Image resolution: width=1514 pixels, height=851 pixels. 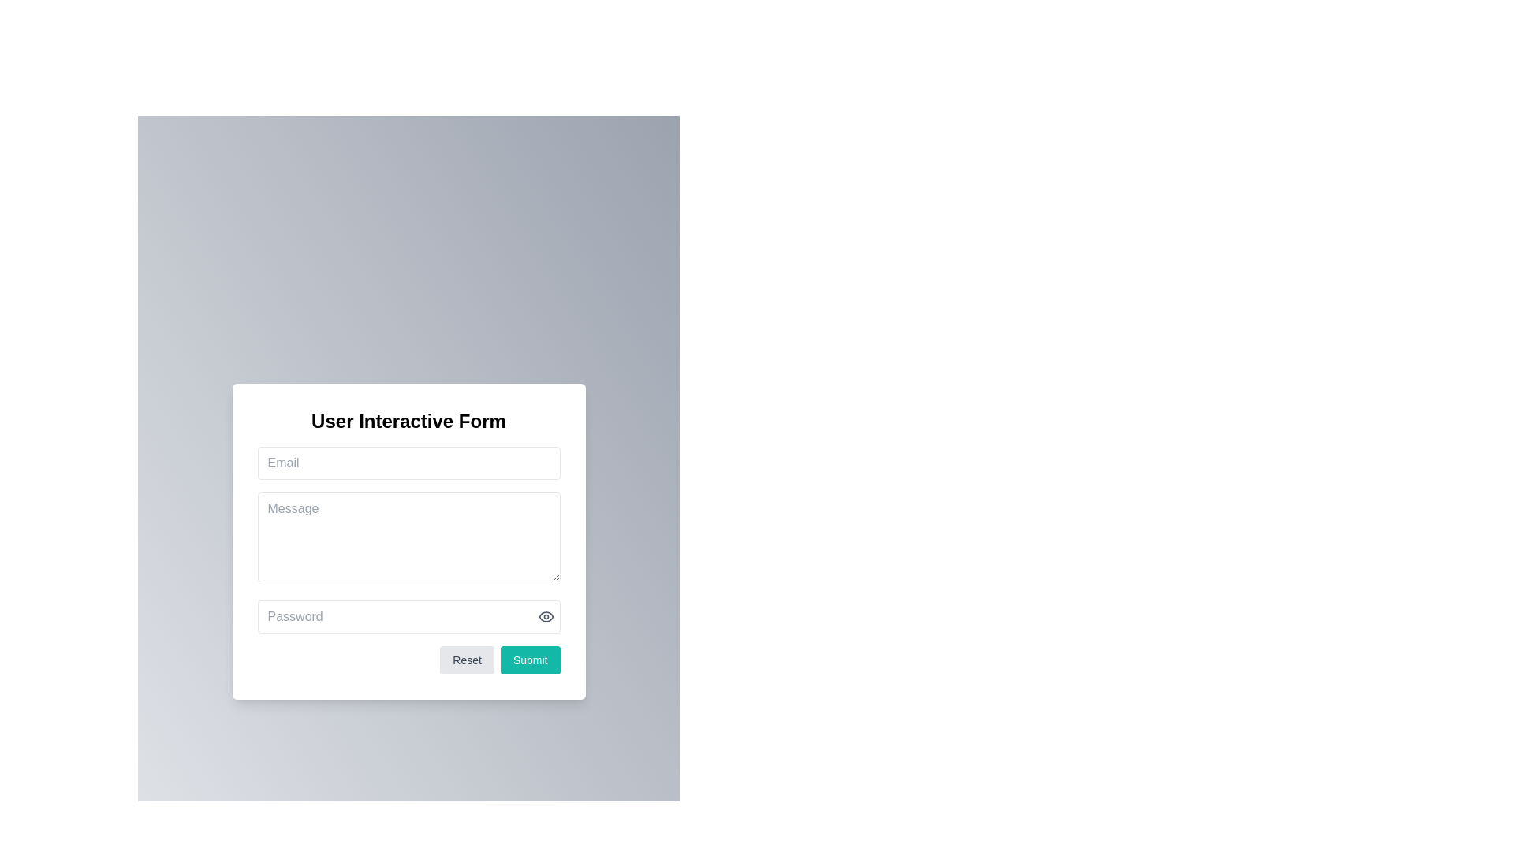 I want to click on the reset button located at the bottom of the 'User Interactive Form', which is the first button from the left in a horizontal alignment of buttons, to observe its hover effect, so click(x=466, y=660).